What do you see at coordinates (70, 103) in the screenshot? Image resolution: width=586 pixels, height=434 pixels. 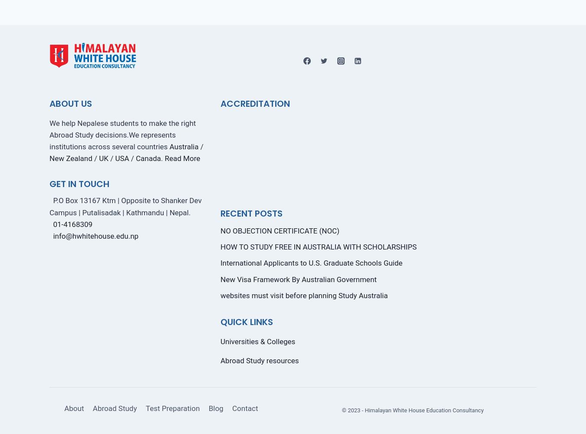 I see `'About Us'` at bounding box center [70, 103].